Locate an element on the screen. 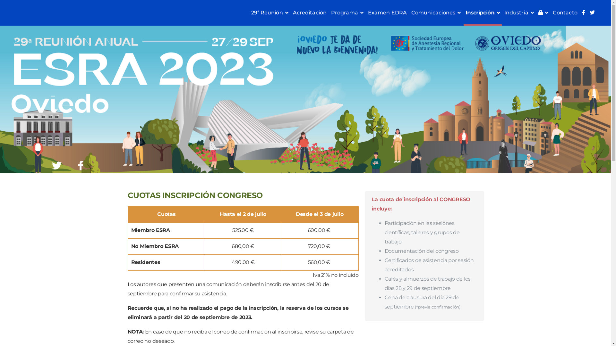 The width and height of the screenshot is (616, 346). 'Programa' is located at coordinates (329, 12).